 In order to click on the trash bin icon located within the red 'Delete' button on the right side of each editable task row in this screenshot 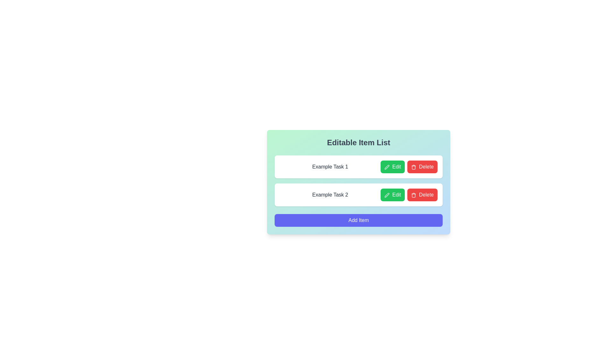, I will do `click(414, 167)`.